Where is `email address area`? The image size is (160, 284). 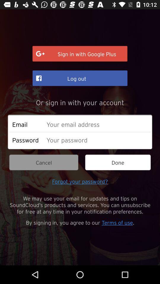
email address area is located at coordinates (97, 124).